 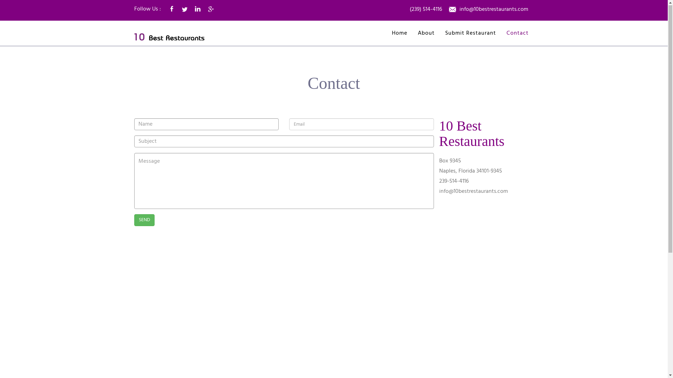 I want to click on 'Contact', so click(x=517, y=34).